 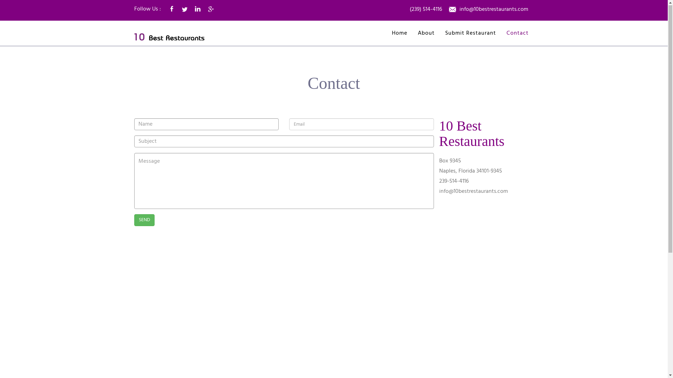 I want to click on 'Contact', so click(x=517, y=34).